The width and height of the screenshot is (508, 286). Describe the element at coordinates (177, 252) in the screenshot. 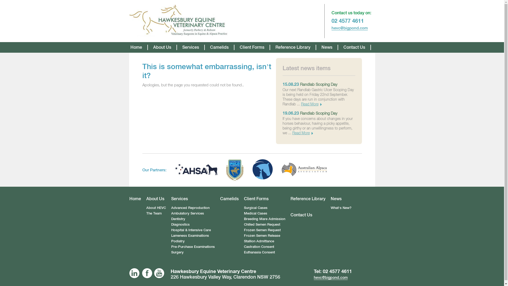

I see `'Surgery'` at that location.